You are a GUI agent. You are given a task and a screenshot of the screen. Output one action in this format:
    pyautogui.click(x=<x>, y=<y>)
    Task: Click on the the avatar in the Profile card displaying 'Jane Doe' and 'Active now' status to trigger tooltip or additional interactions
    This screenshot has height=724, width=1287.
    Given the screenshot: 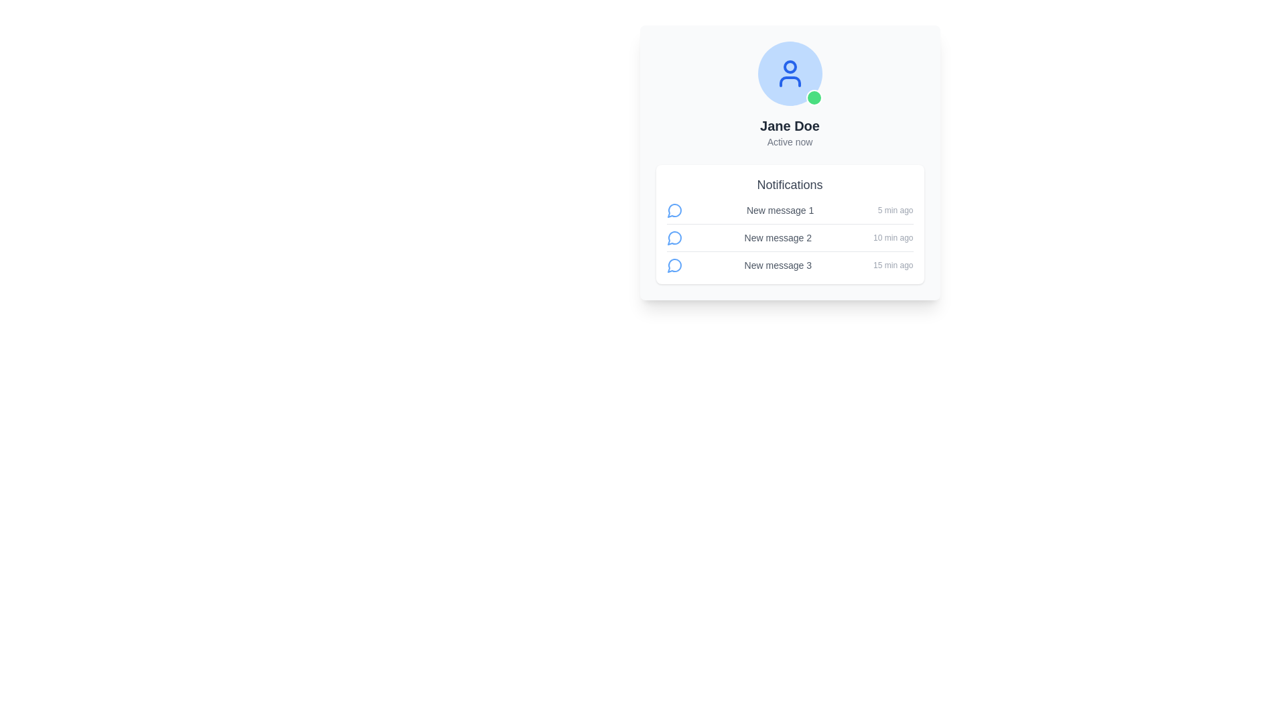 What is the action you would take?
    pyautogui.click(x=790, y=95)
    